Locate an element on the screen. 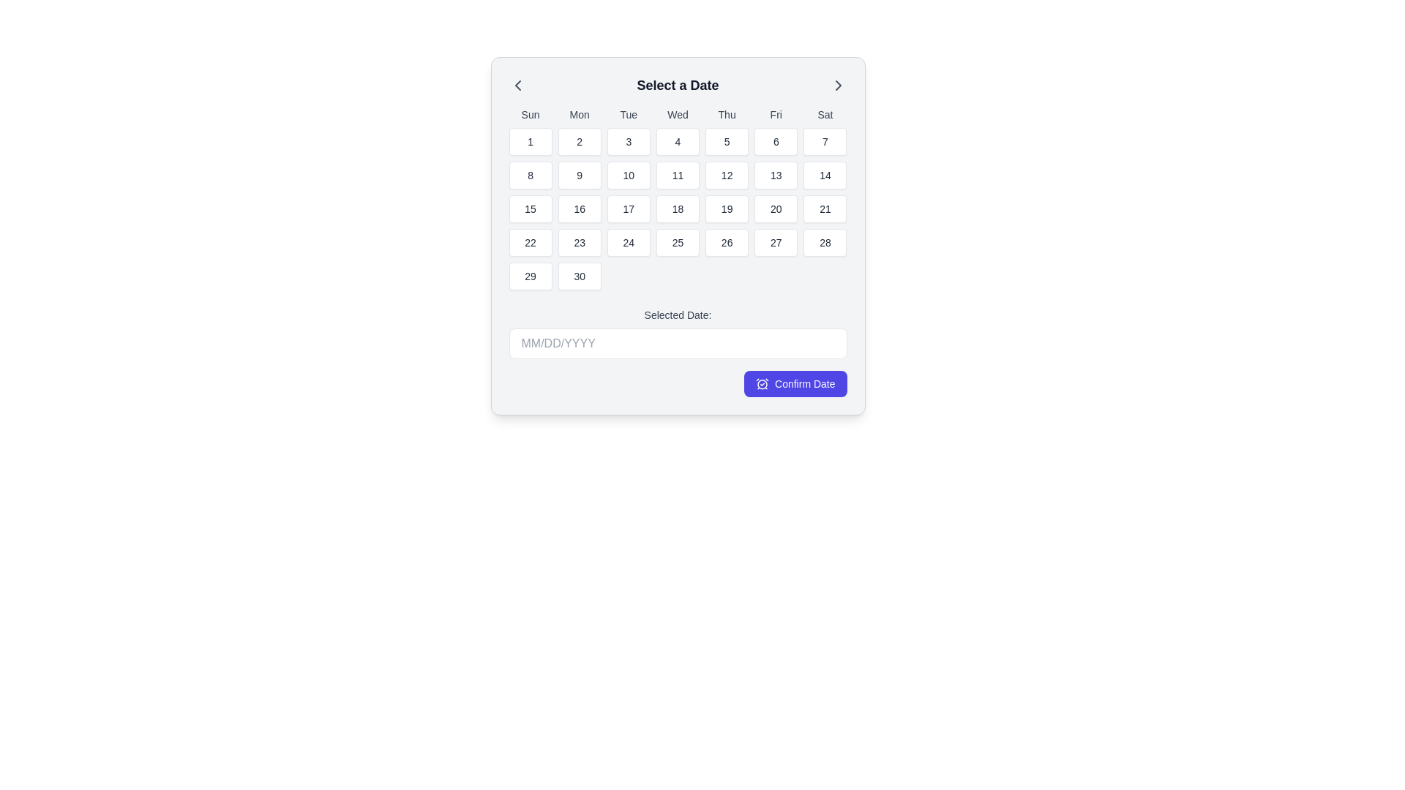 Image resolution: width=1405 pixels, height=790 pixels. the selectable date button (4) in the calendar grid view under the 'Wed' header is located at coordinates (677, 141).